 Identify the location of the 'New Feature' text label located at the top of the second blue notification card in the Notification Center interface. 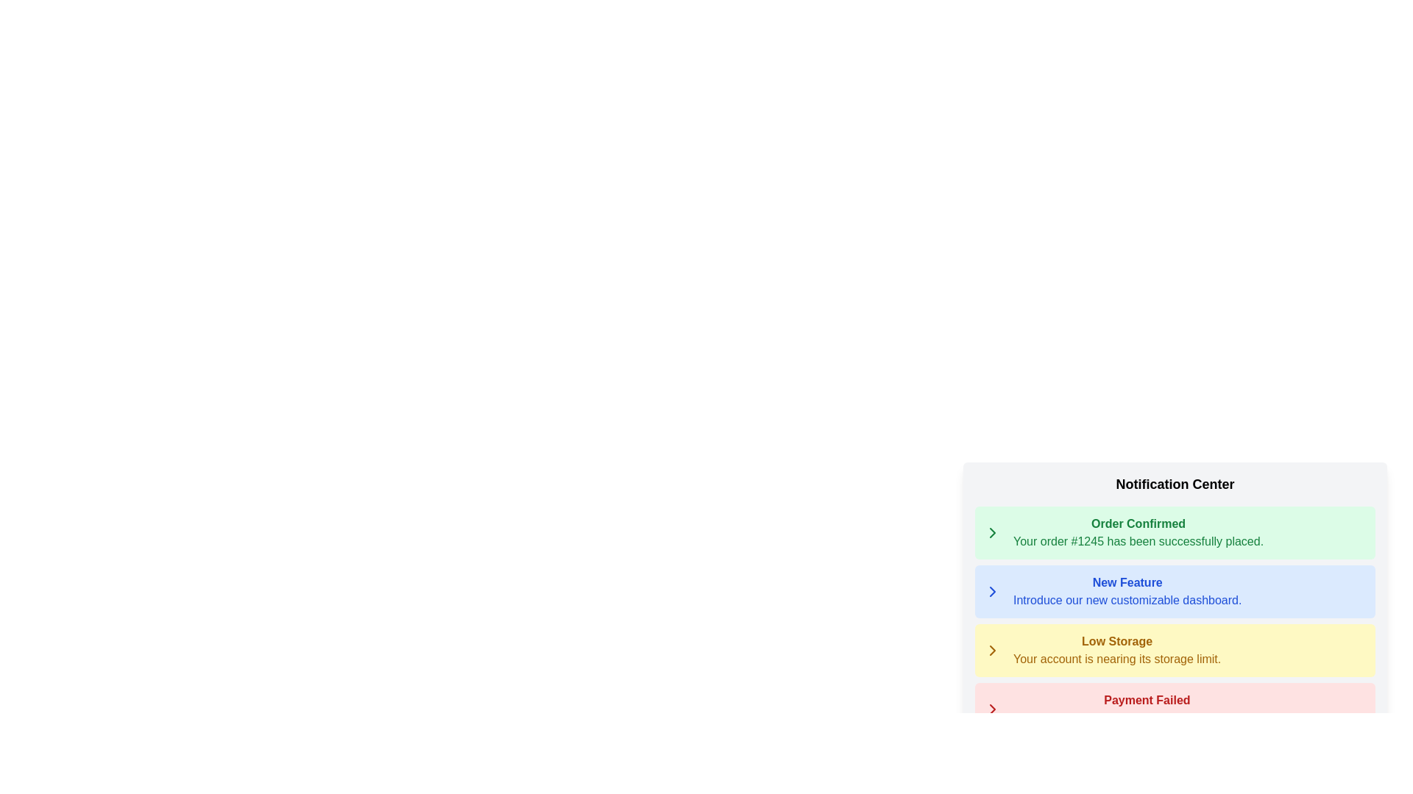
(1127, 582).